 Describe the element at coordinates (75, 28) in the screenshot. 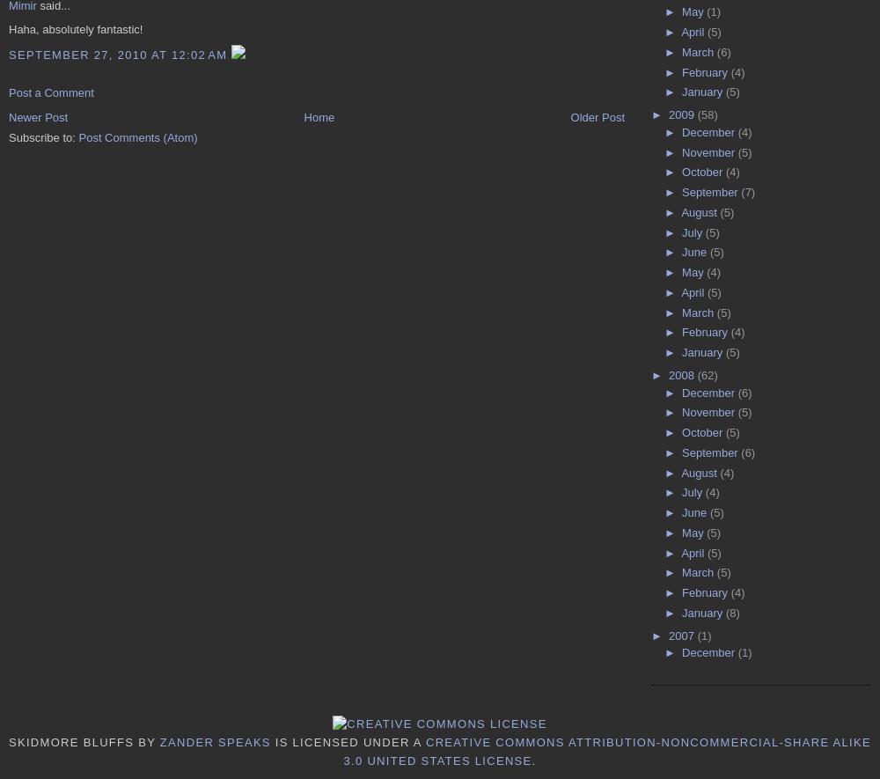

I see `'Haha, absolutely fantastic!'` at that location.